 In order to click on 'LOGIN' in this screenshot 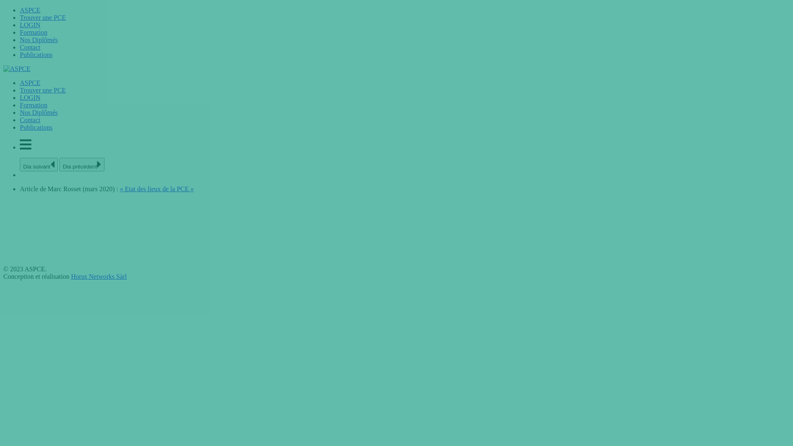, I will do `click(20, 97)`.